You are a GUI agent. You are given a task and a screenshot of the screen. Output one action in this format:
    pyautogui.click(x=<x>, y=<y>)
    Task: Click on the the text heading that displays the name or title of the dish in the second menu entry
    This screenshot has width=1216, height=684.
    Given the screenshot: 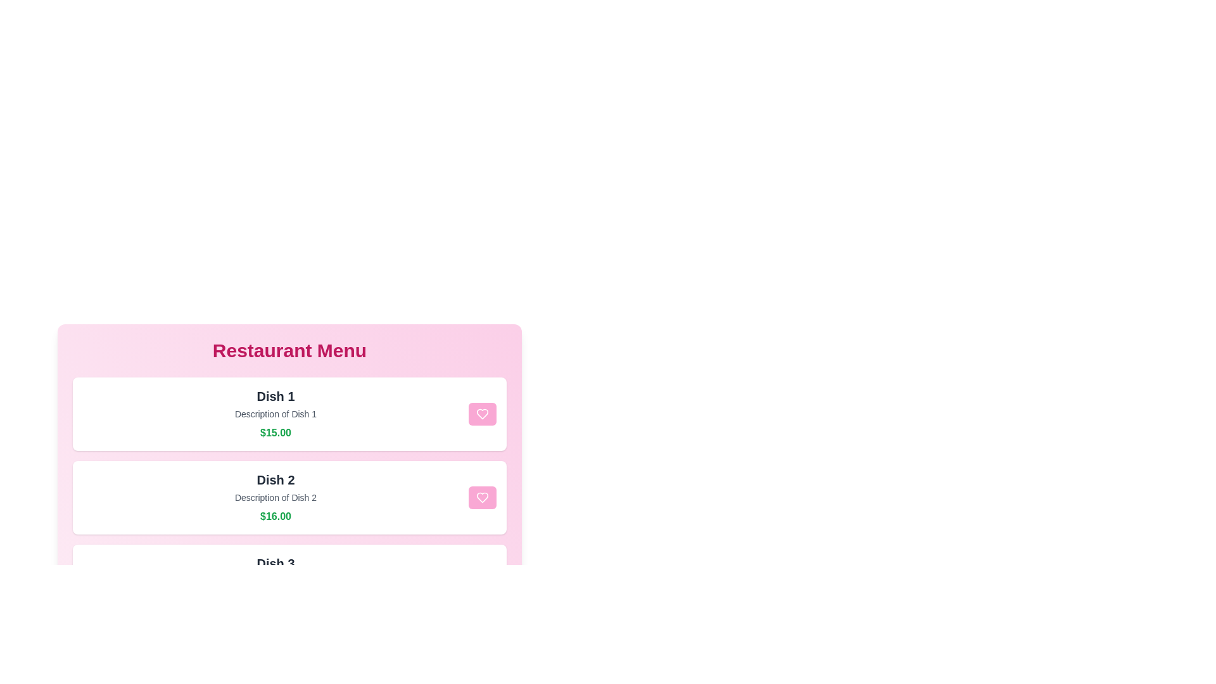 What is the action you would take?
    pyautogui.click(x=275, y=480)
    